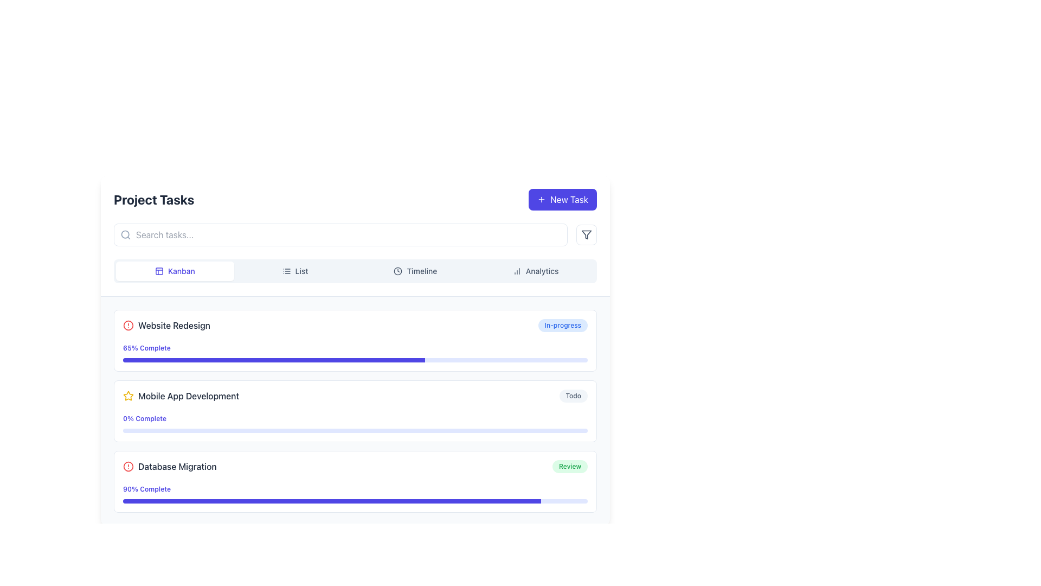 This screenshot has height=586, width=1041. I want to click on the list icon, which consists of three horizontal lines decreasing in length from top to bottom, located to the left of the 'List' text label in the top-center region of the interface, so click(286, 271).